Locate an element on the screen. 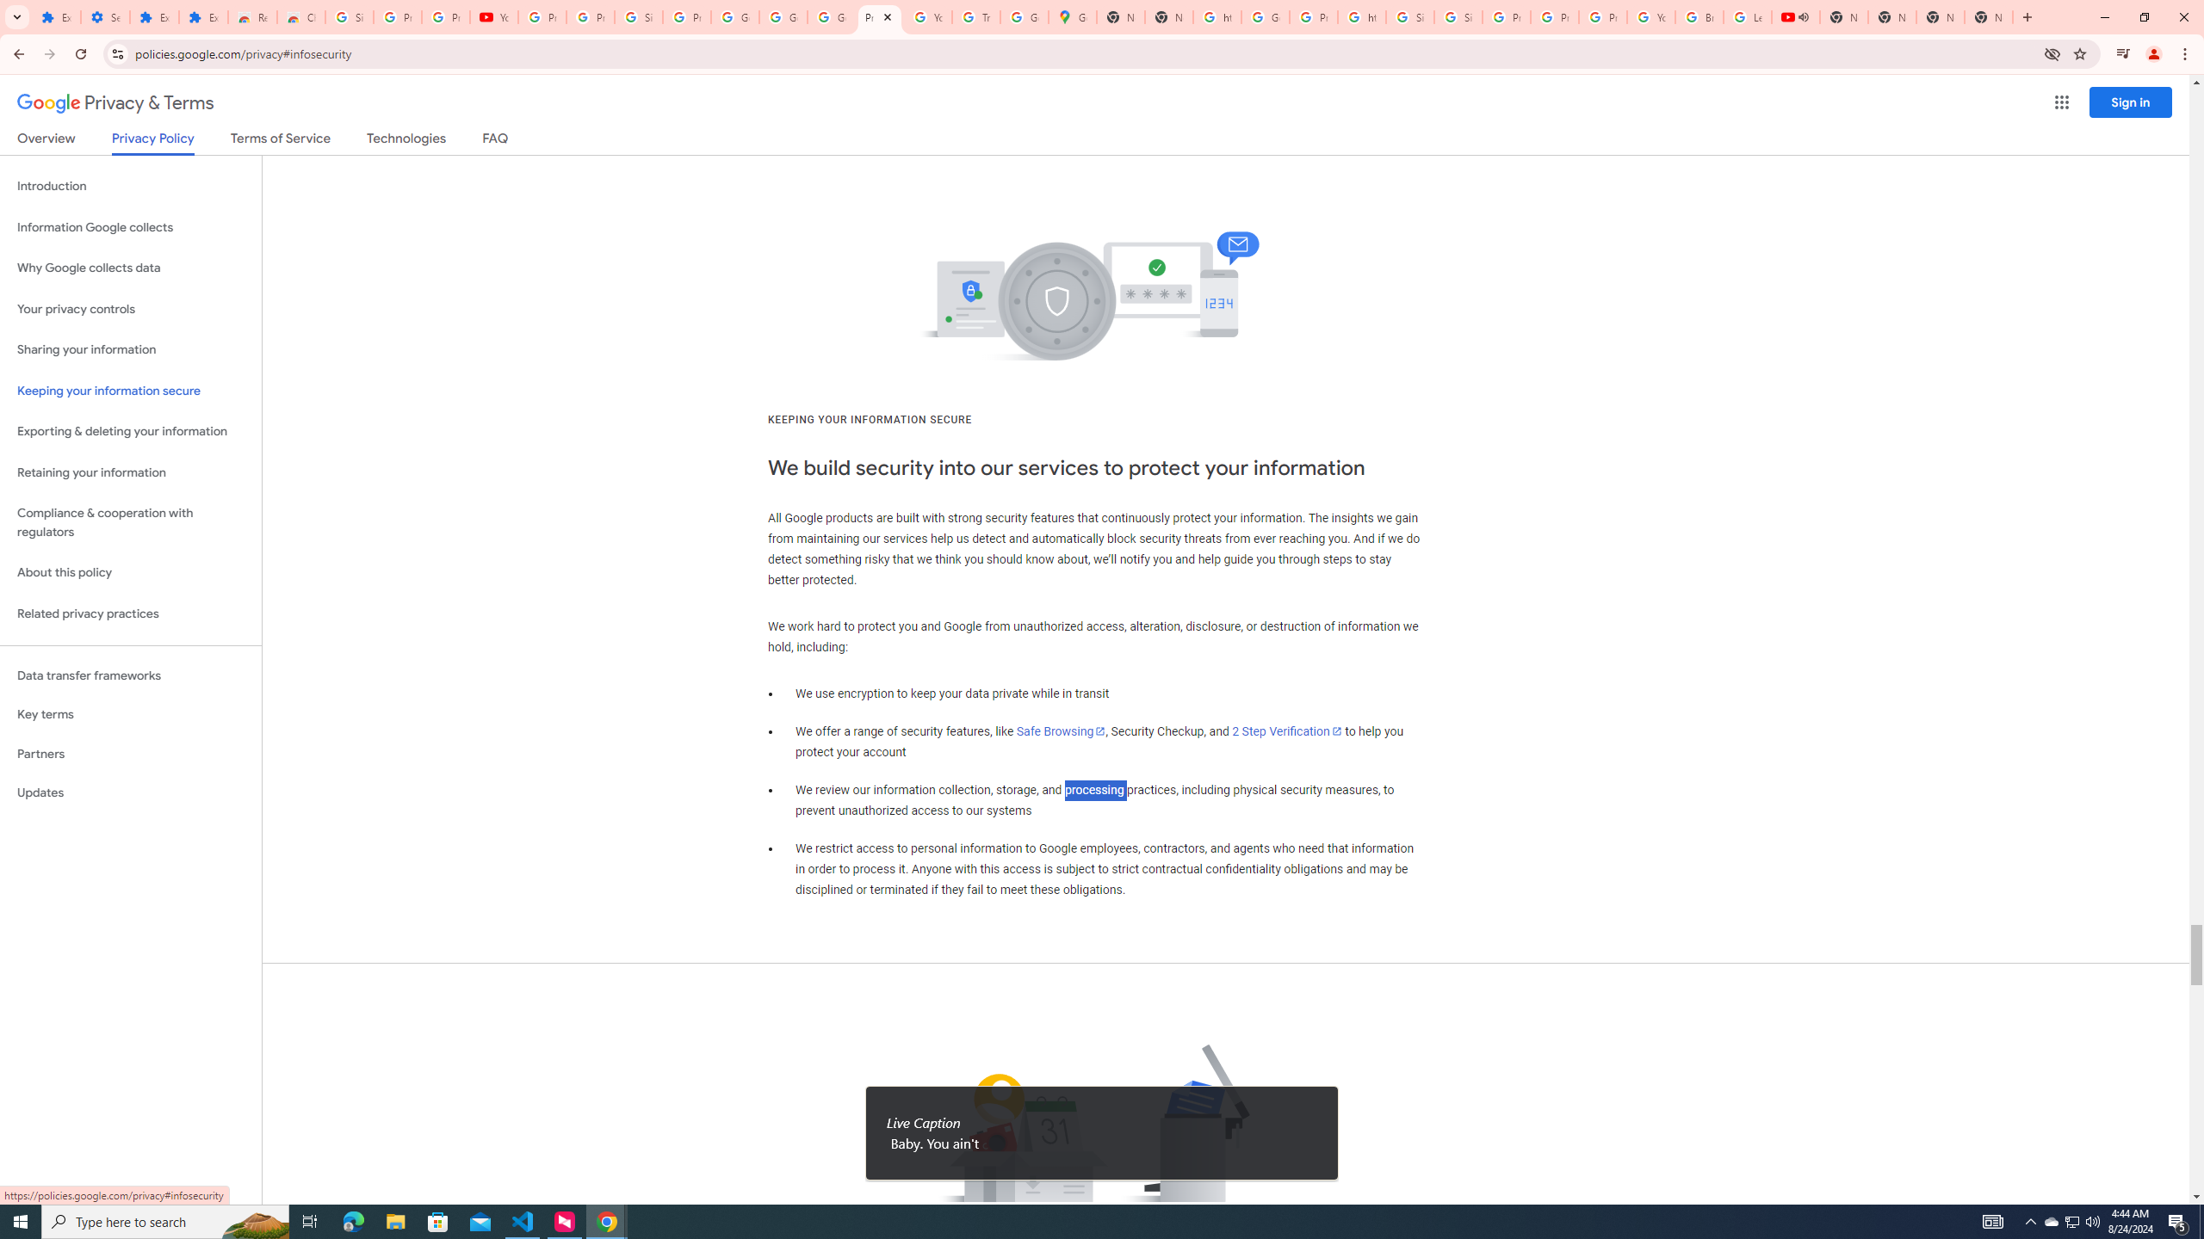 The width and height of the screenshot is (2204, 1239). 'Google Account' is located at coordinates (734, 16).